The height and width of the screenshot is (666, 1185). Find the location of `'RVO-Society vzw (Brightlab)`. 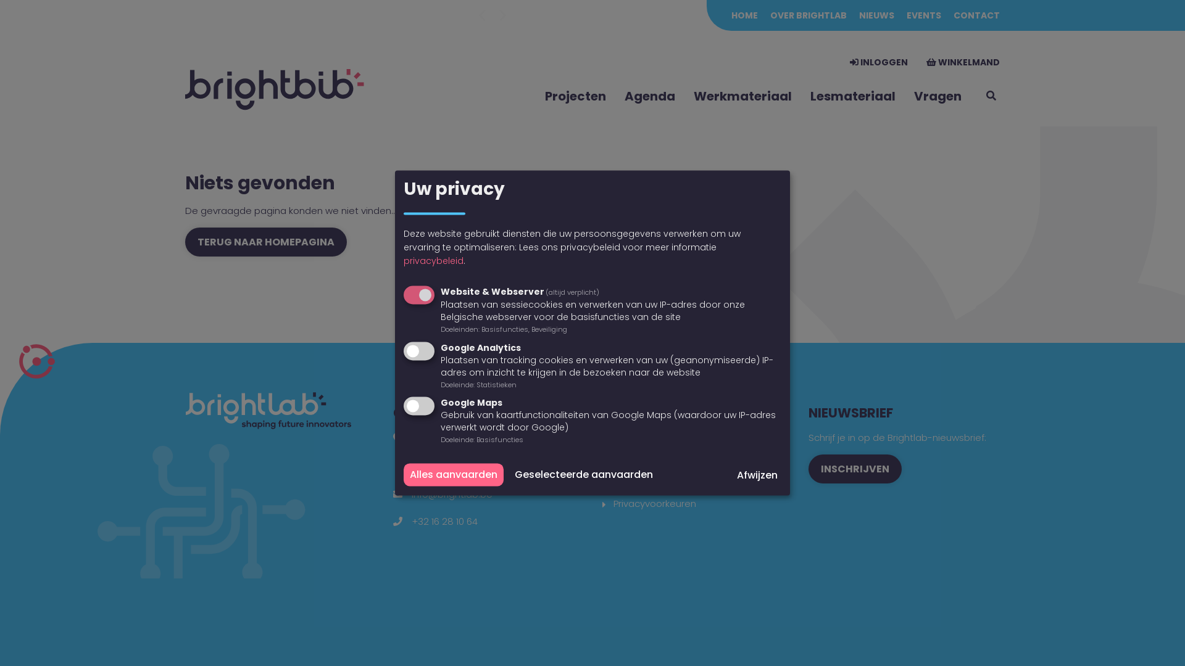

'RVO-Society vzw (Brightlab) is located at coordinates (475, 452).